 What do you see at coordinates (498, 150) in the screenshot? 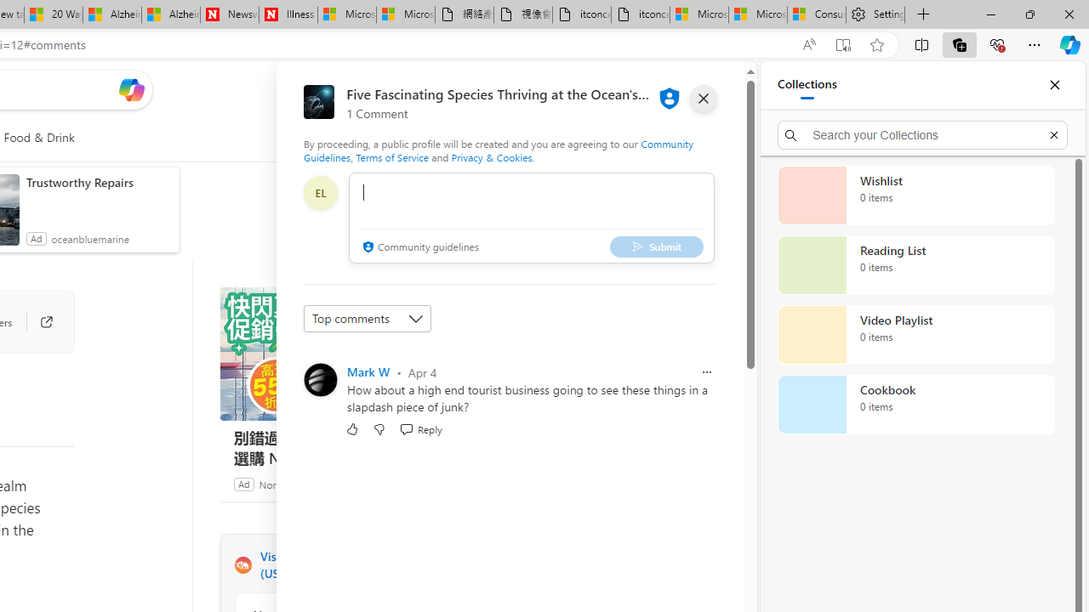
I see `'Community Guidelines'` at bounding box center [498, 150].